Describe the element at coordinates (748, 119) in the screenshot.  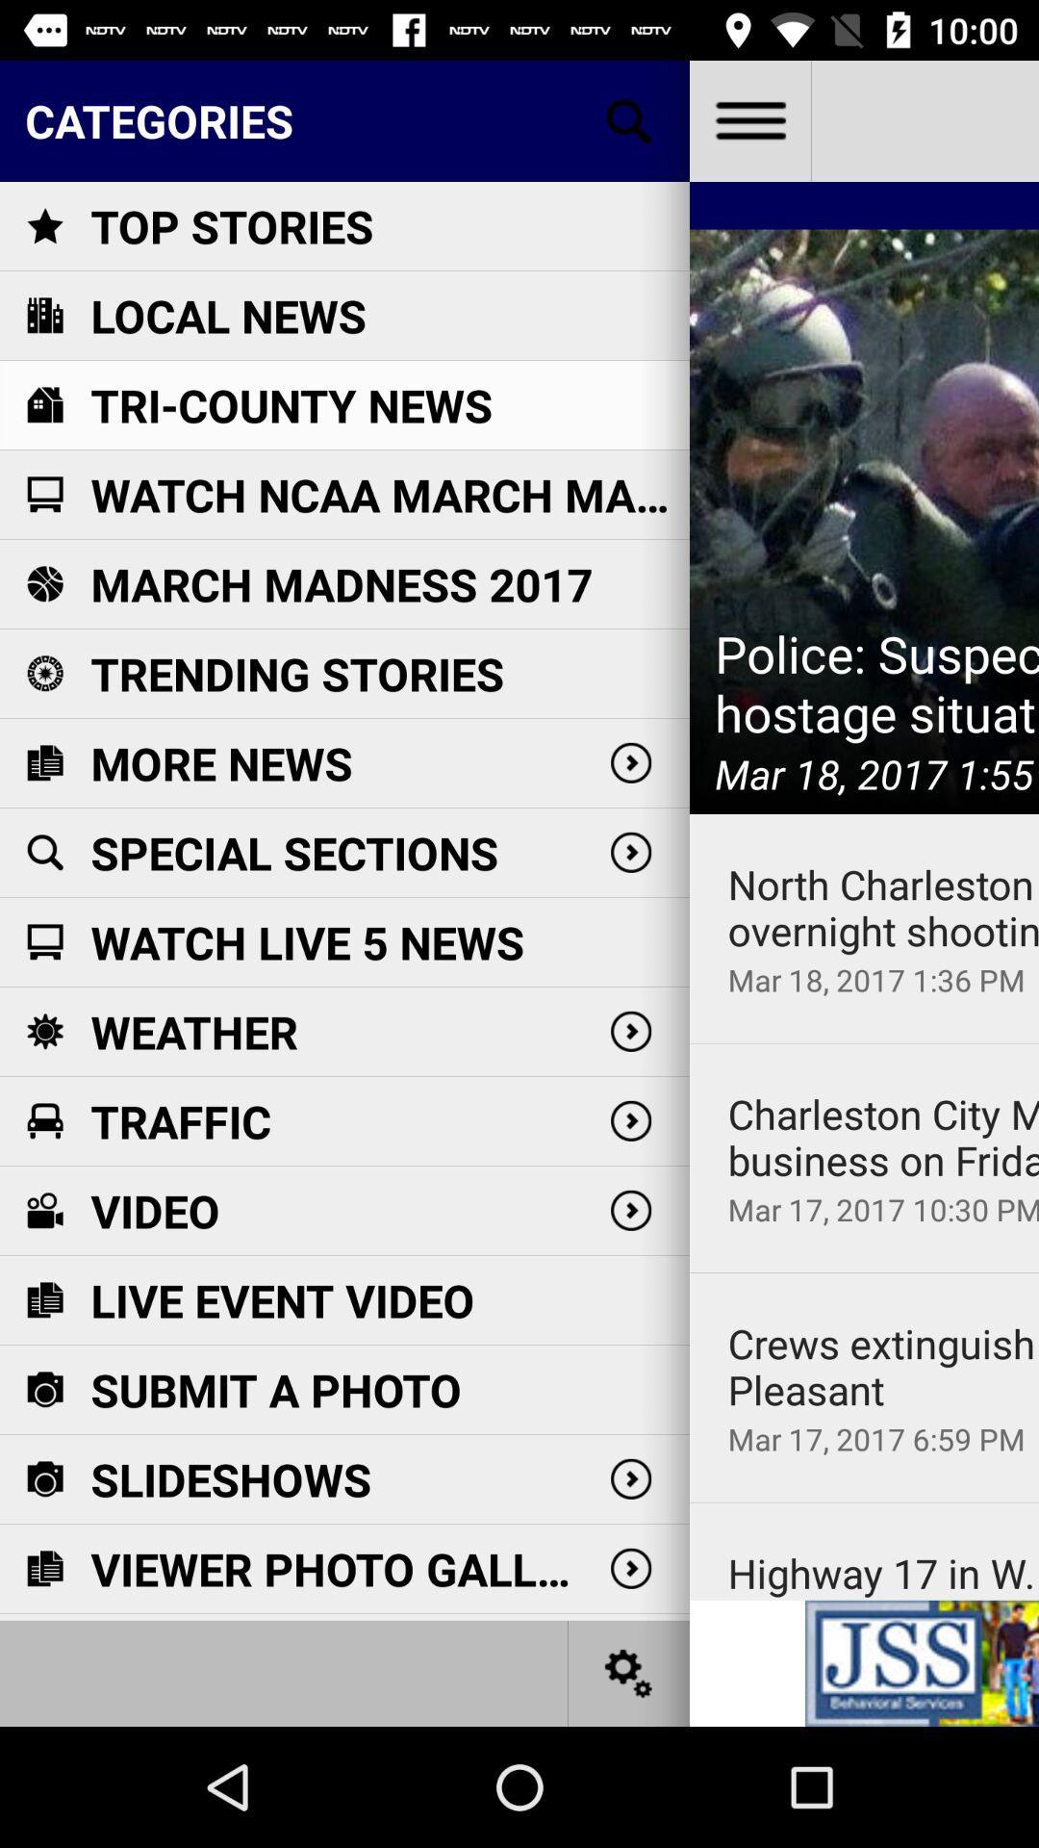
I see `the icon next to the categories item` at that location.